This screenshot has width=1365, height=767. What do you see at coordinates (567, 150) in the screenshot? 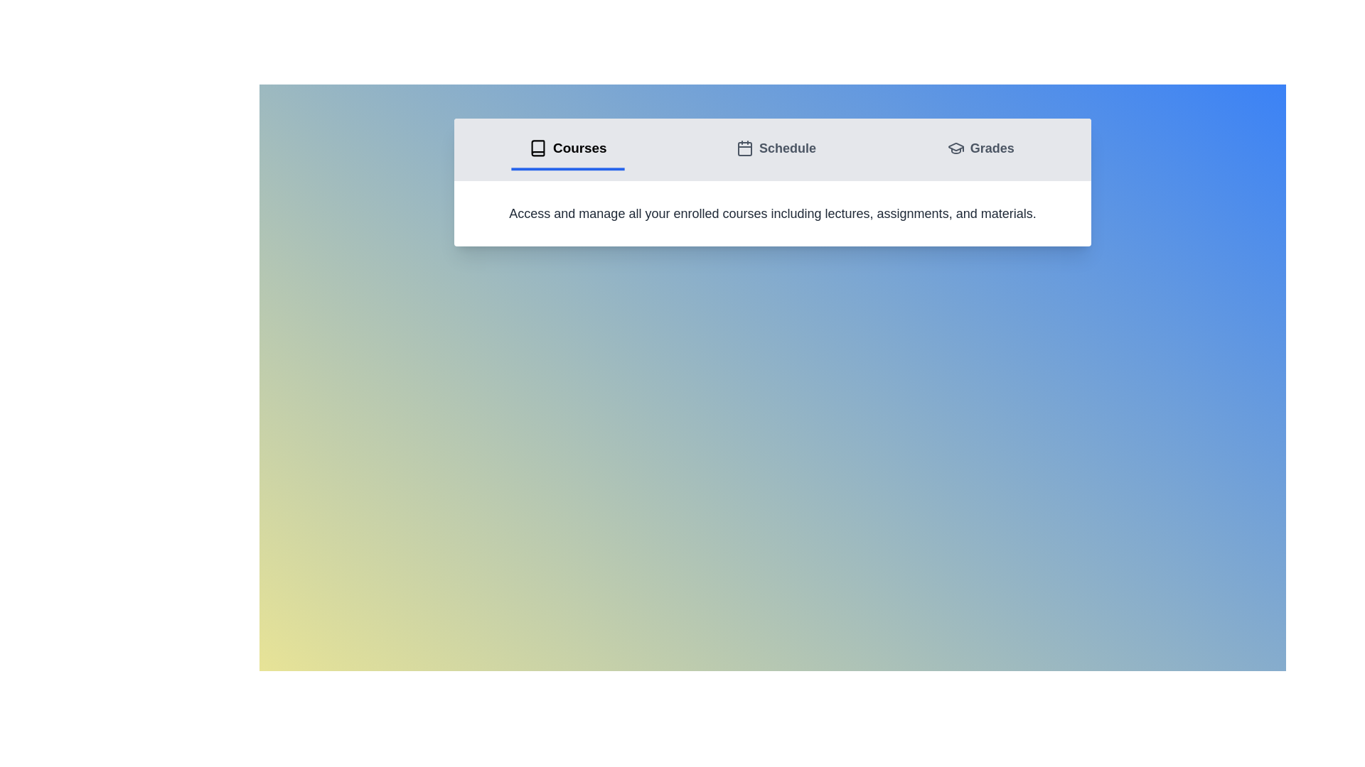
I see `the tab labeled Courses to switch to the corresponding view` at bounding box center [567, 150].